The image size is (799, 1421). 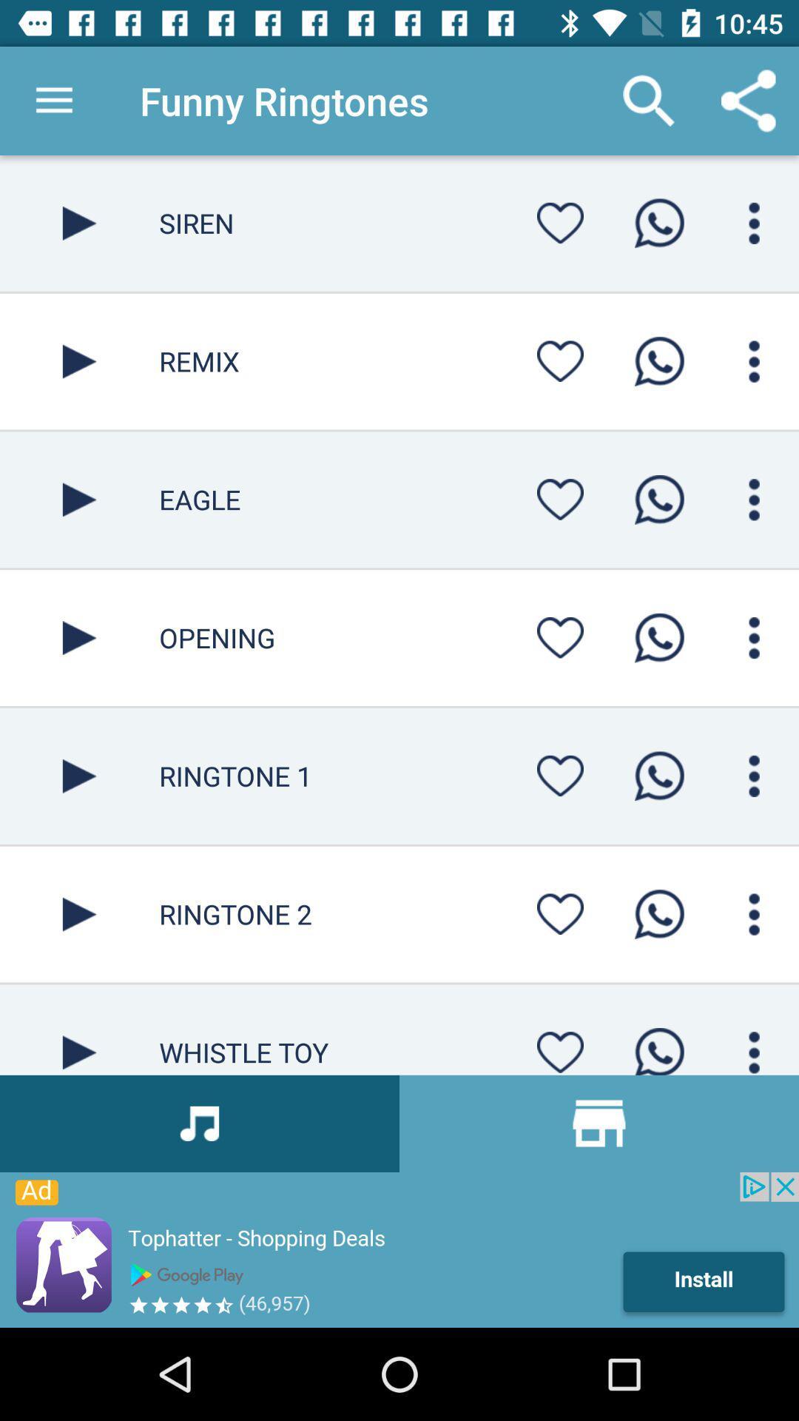 I want to click on start call, so click(x=658, y=222).